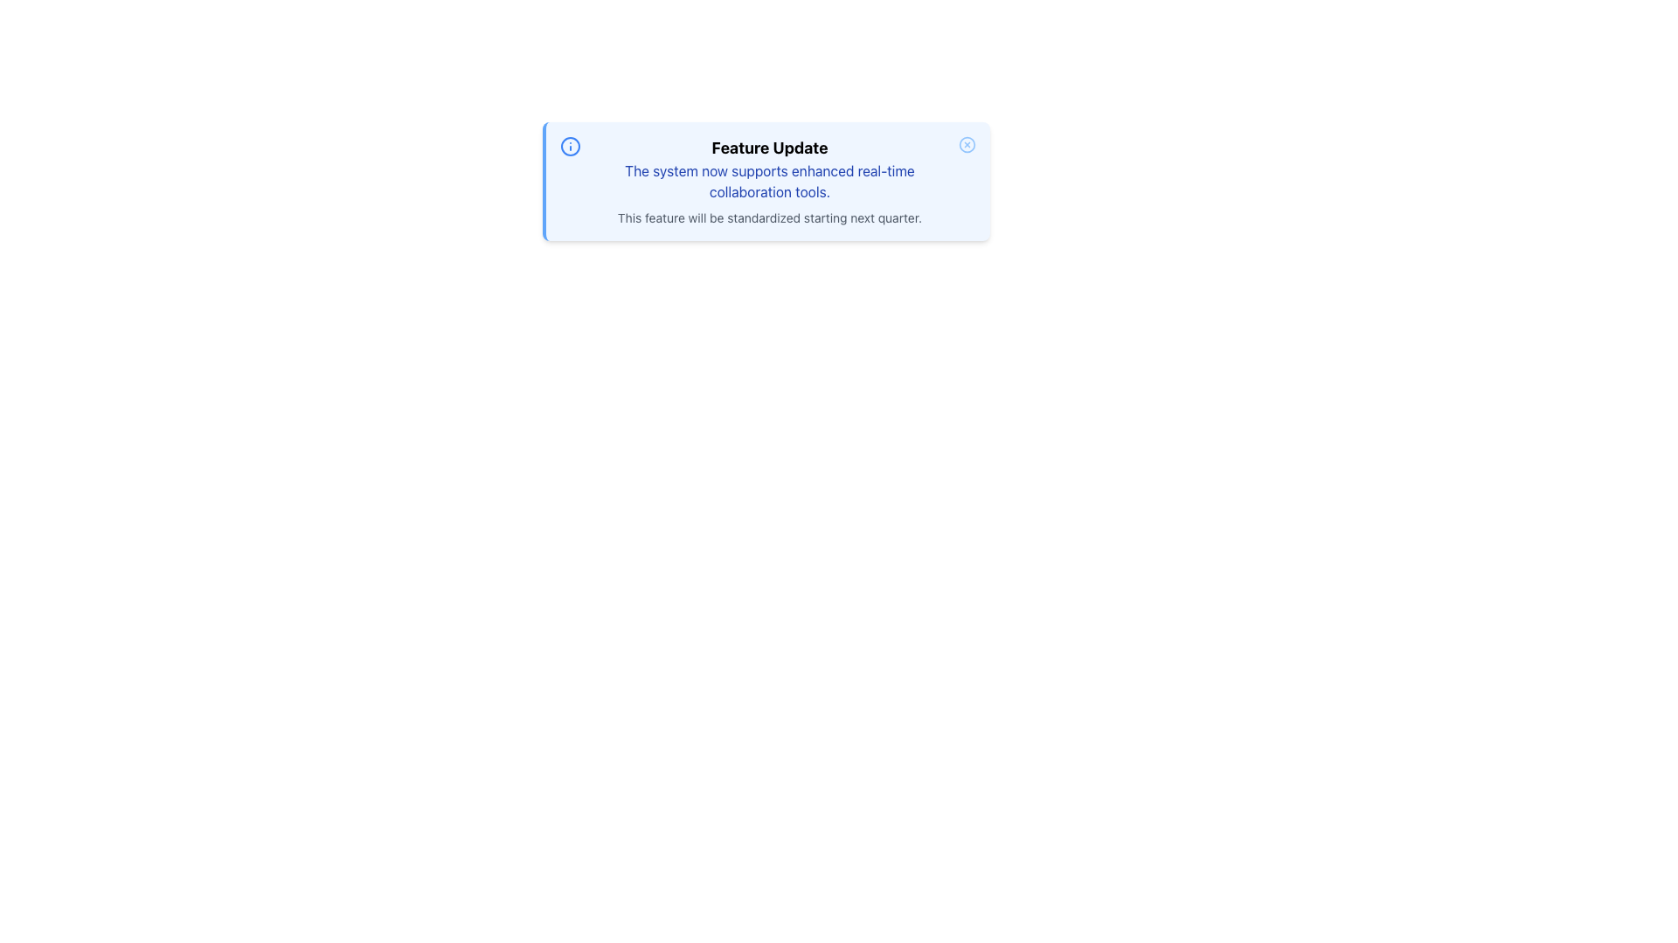 Image resolution: width=1678 pixels, height=943 pixels. I want to click on the Decorative Circle SVG Element located at the upper-right corner of the alert box, adjacent to the close icon, so click(967, 143).